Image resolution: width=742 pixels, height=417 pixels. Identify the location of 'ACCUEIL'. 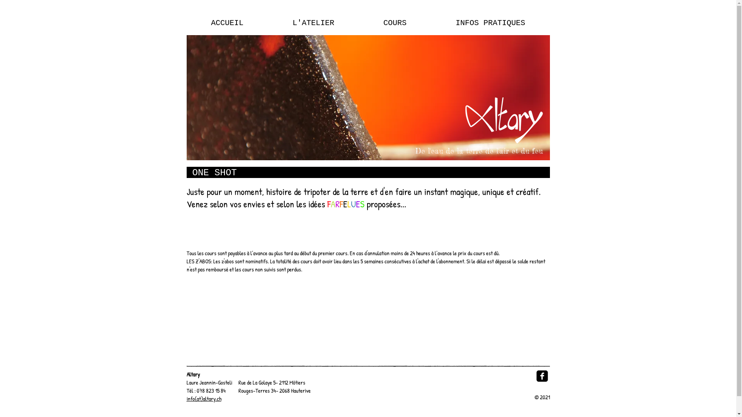
(186, 23).